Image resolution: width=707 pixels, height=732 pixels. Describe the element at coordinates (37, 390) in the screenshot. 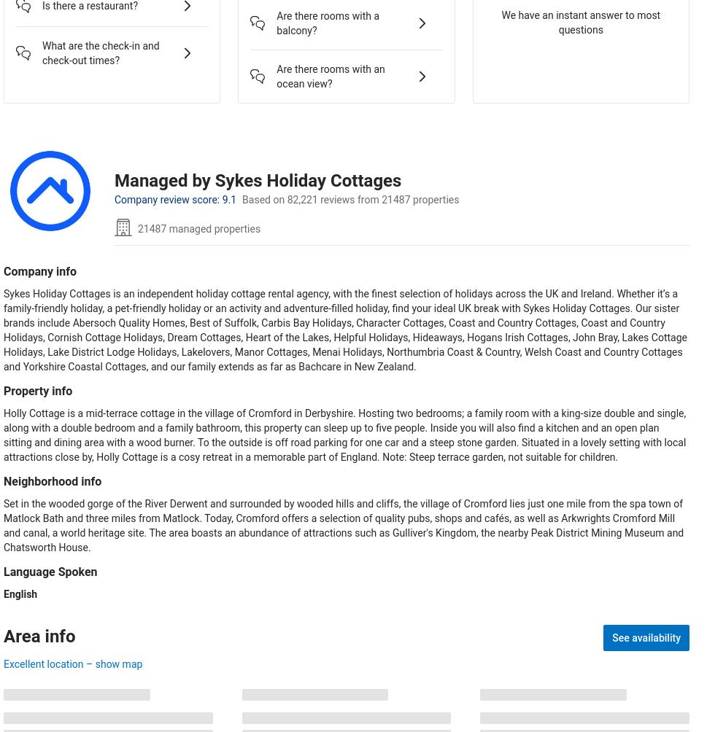

I see `'Property info'` at that location.